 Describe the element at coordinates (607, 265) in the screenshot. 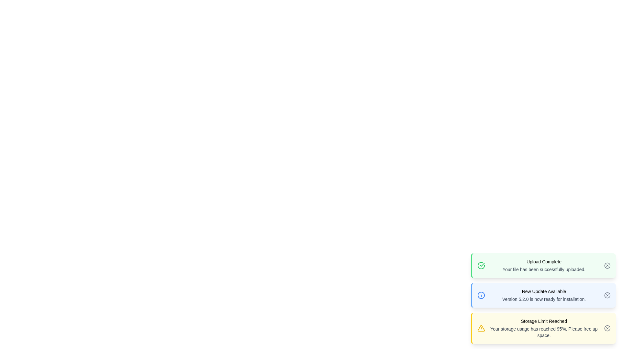

I see `the SVG Circle graphic located in the upper right corner of the 'Upload Complete' notification card, which is part of an icon intended for a close or dismiss action` at that location.